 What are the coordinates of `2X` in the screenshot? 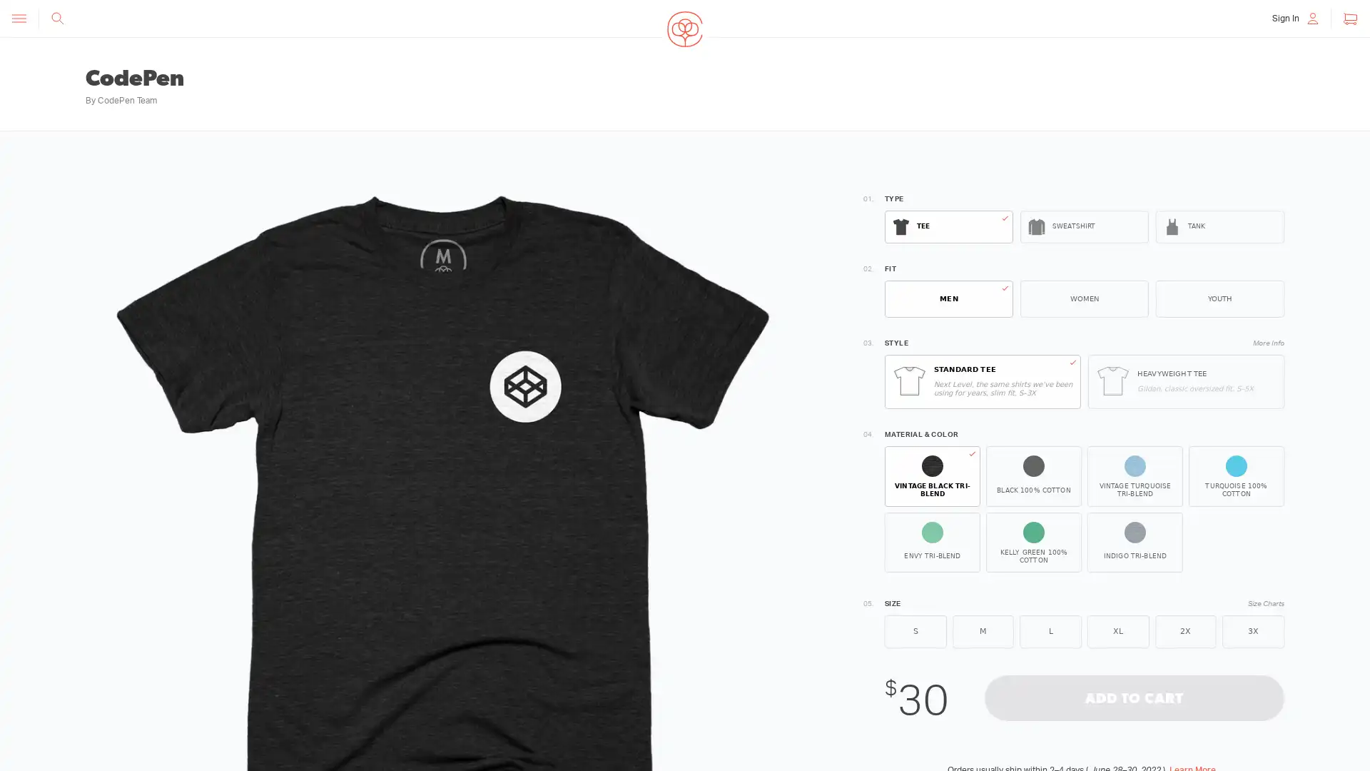 It's located at (1185, 630).